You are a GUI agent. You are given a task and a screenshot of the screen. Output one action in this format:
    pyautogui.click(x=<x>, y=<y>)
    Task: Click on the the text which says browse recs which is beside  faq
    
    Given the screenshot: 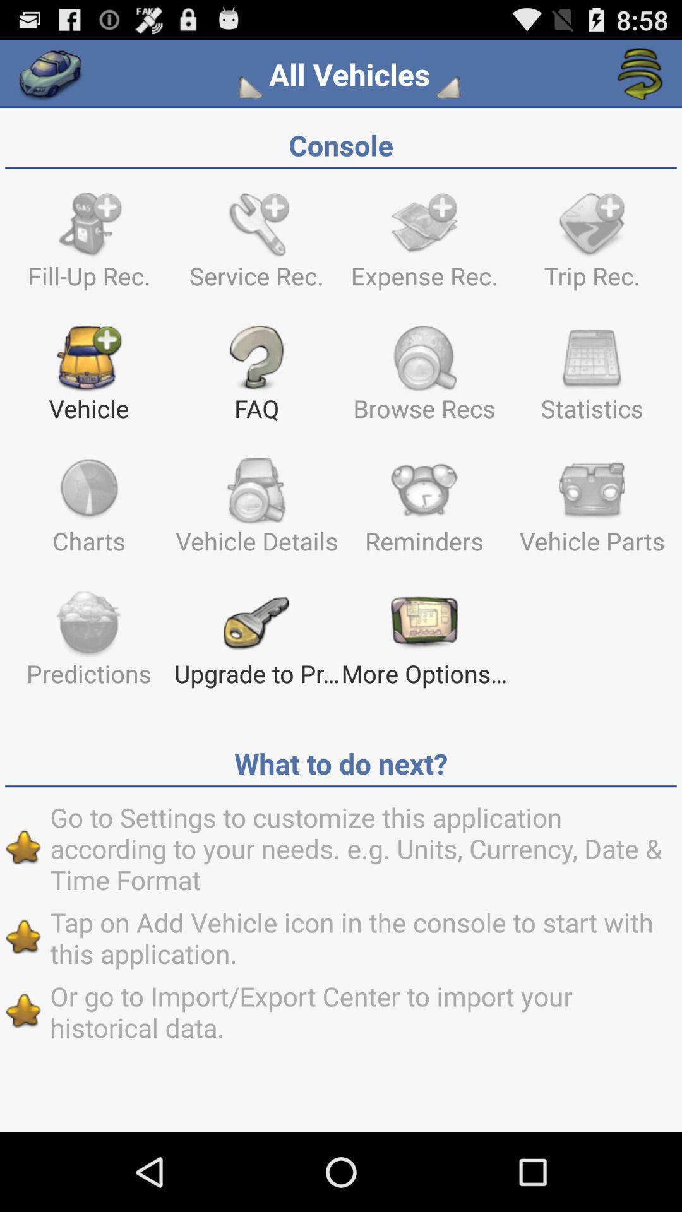 What is the action you would take?
    pyautogui.click(x=424, y=378)
    